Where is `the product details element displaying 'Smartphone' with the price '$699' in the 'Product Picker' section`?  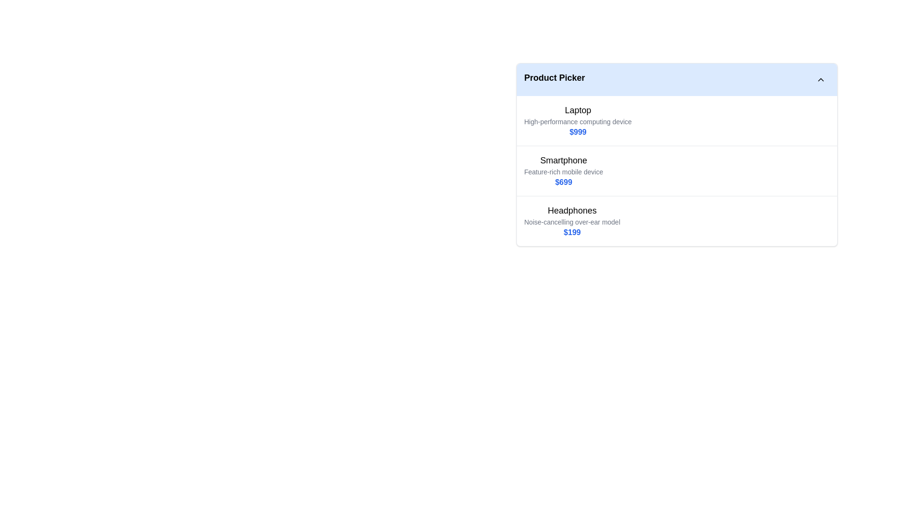 the product details element displaying 'Smartphone' with the price '$699' in the 'Product Picker' section is located at coordinates (564, 171).